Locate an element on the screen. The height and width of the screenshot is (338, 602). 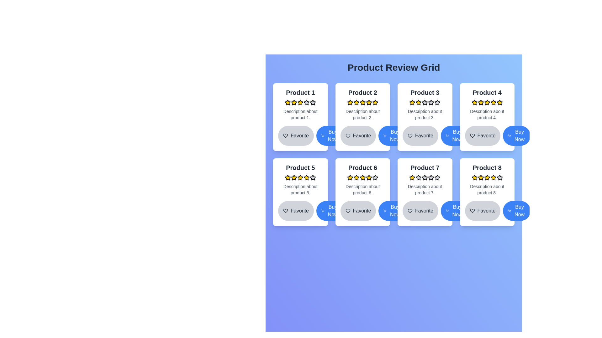
the blue circular 'Buy Now' button with a shopping cart icon located at the bottom-right corner of the 'Product 7' card to observe the hover effect is located at coordinates (454, 211).